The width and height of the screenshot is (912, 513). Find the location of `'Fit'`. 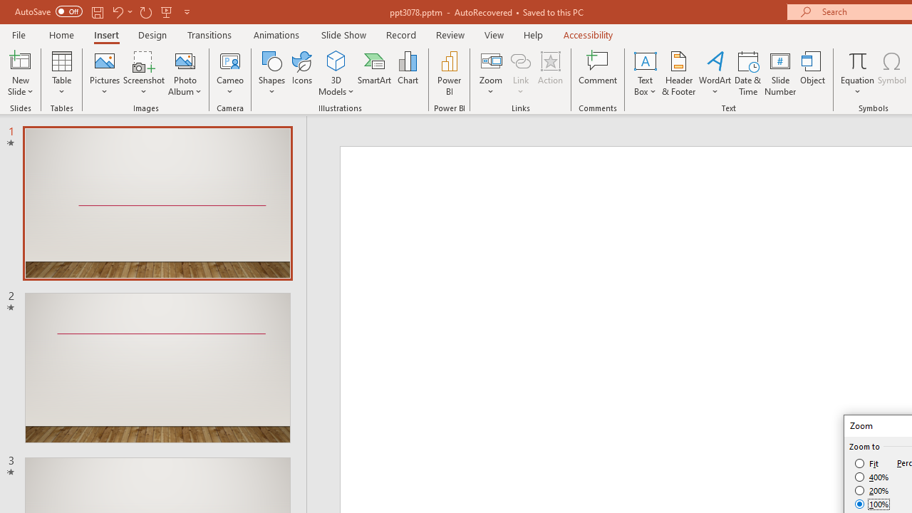

'Fit' is located at coordinates (866, 463).